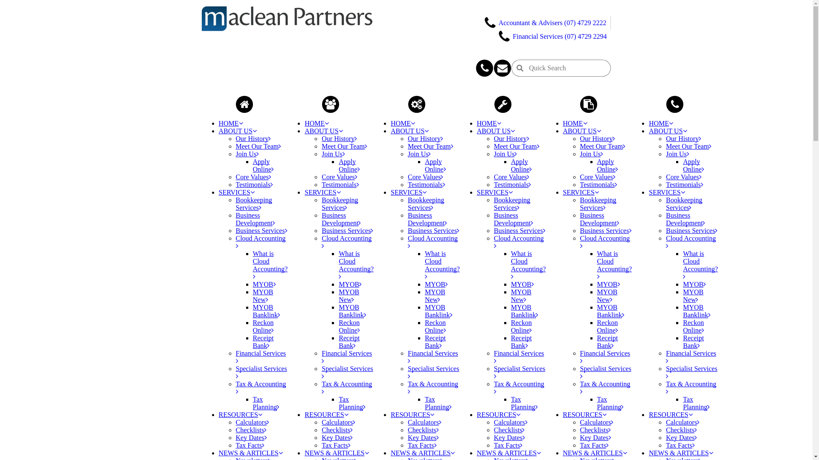 The width and height of the screenshot is (819, 460). What do you see at coordinates (325, 414) in the screenshot?
I see `'RESOURCES'` at bounding box center [325, 414].